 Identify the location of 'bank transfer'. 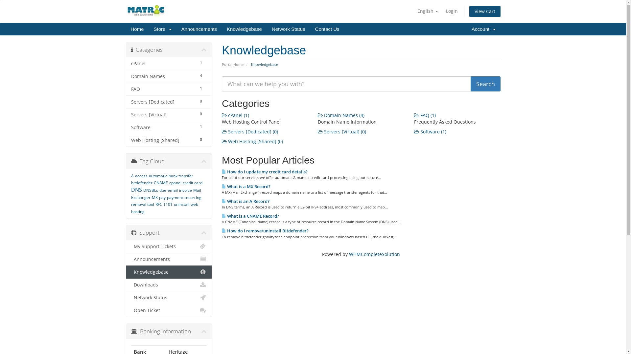
(180, 175).